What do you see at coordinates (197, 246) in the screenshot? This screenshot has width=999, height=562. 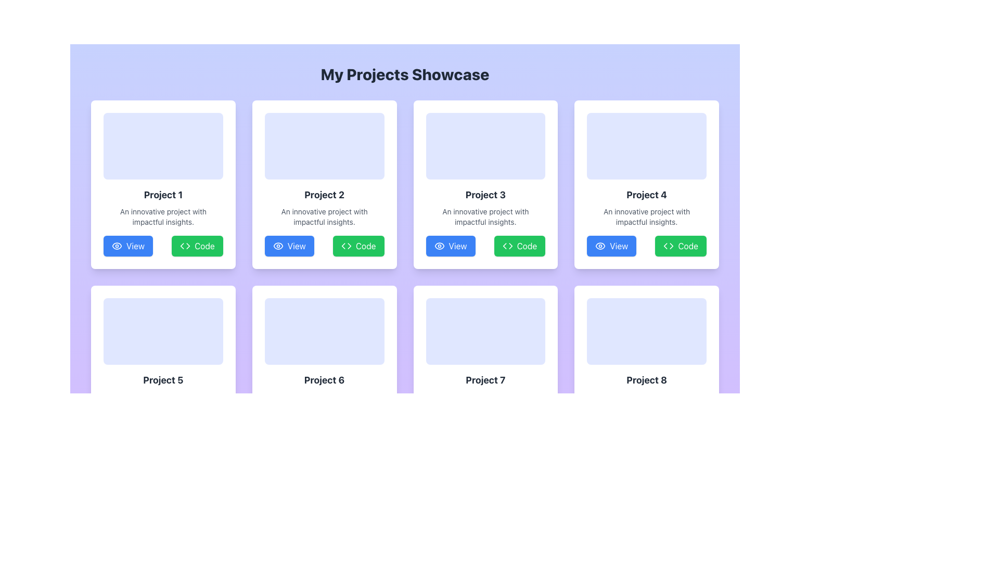 I see `the 'Code' button, which is a green rectangular button with bold white text and a coding brackets icon, located centrally in the bottom section of the Project 1 card` at bounding box center [197, 246].